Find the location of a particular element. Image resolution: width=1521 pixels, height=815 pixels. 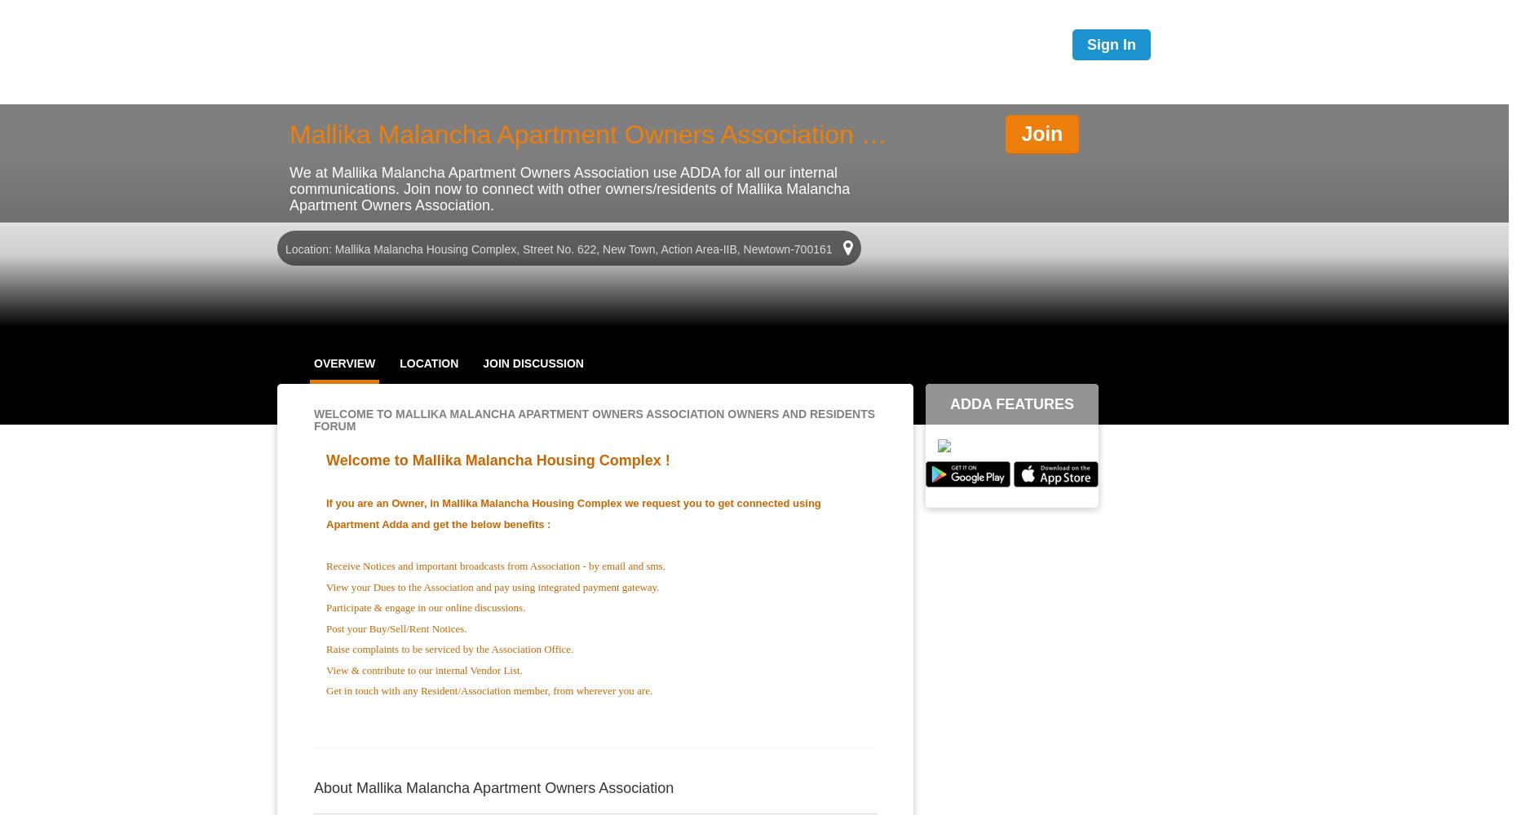

'About Mallika Malancha Apartment Owners Association' is located at coordinates (493, 787).